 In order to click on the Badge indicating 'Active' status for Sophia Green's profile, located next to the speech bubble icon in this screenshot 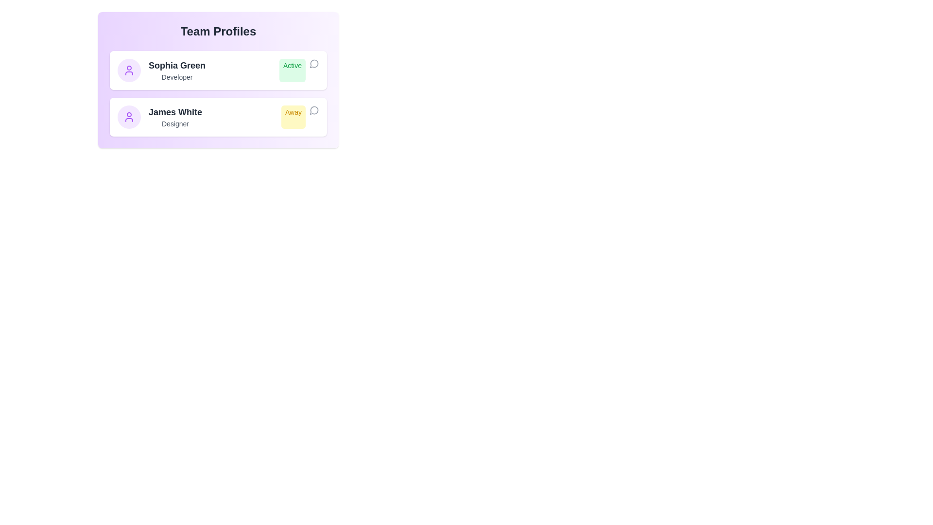, I will do `click(292, 70)`.